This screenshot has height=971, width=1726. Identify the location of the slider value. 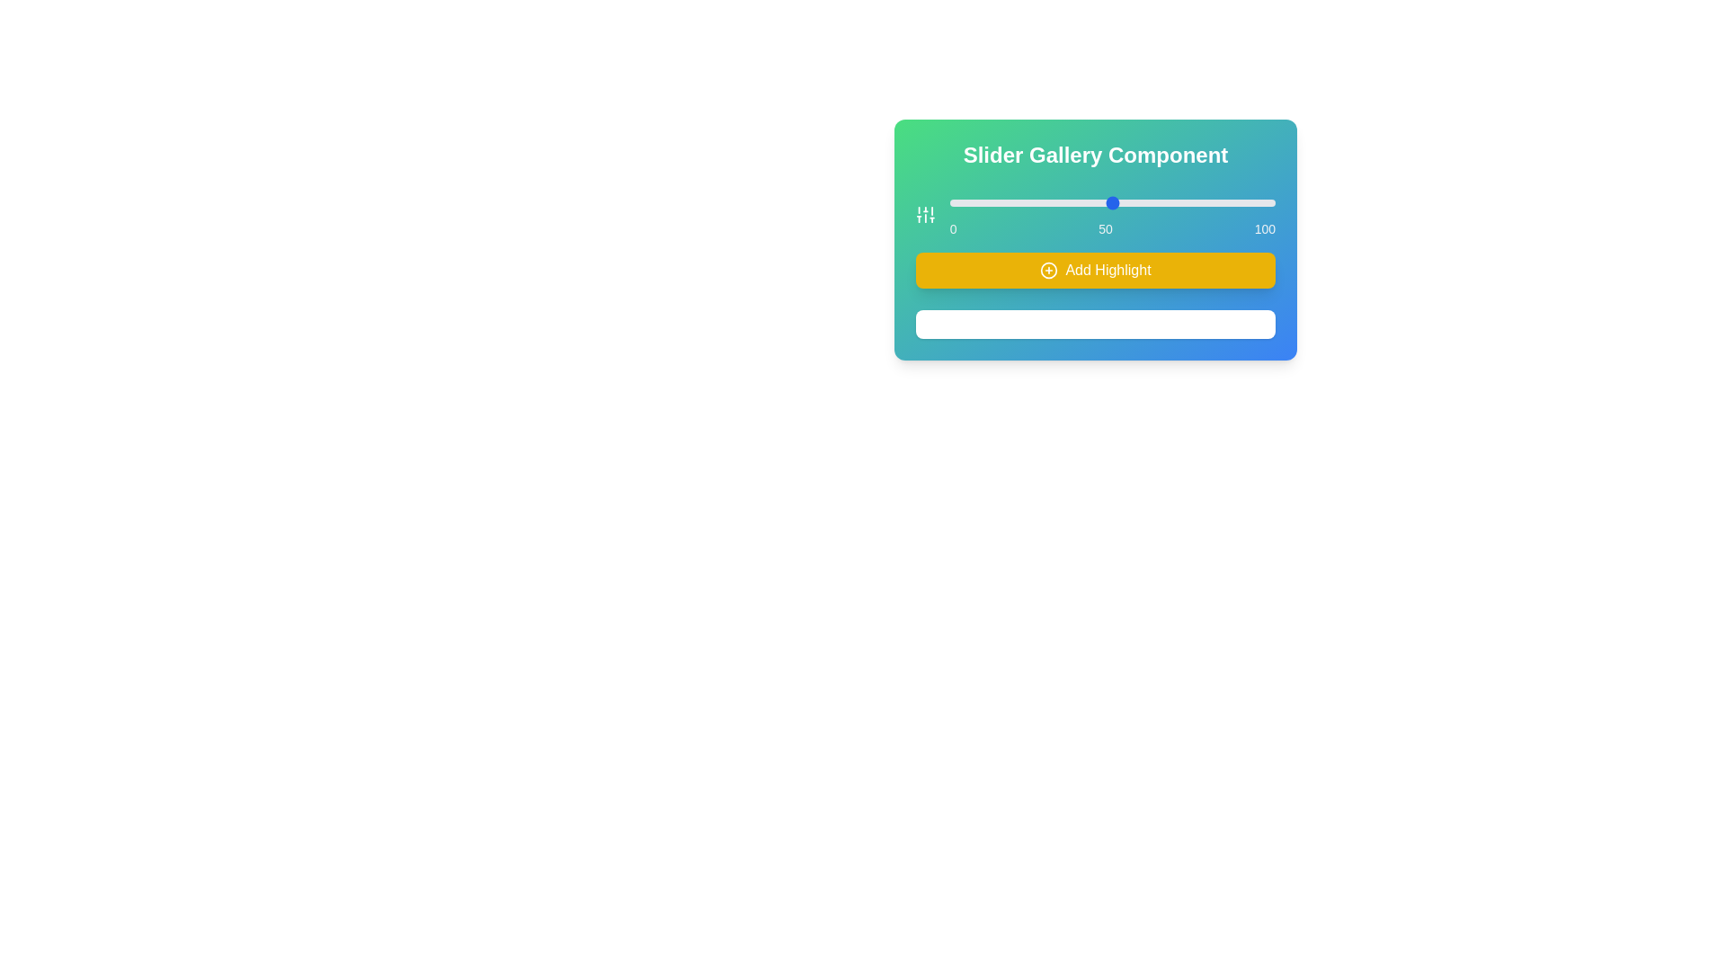
(1057, 202).